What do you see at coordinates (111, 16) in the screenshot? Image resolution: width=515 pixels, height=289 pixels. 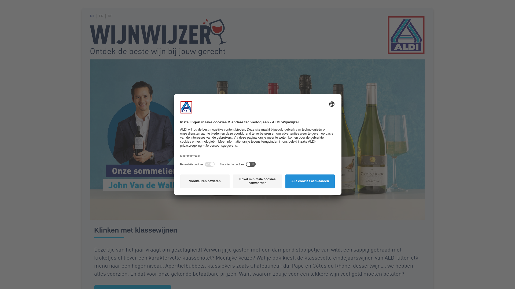 I see `'DE'` at bounding box center [111, 16].